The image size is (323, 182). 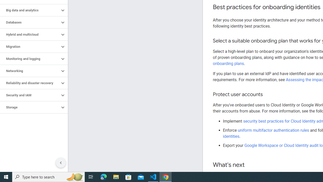 What do you see at coordinates (61, 163) in the screenshot?
I see `'Hide side navigation'` at bounding box center [61, 163].